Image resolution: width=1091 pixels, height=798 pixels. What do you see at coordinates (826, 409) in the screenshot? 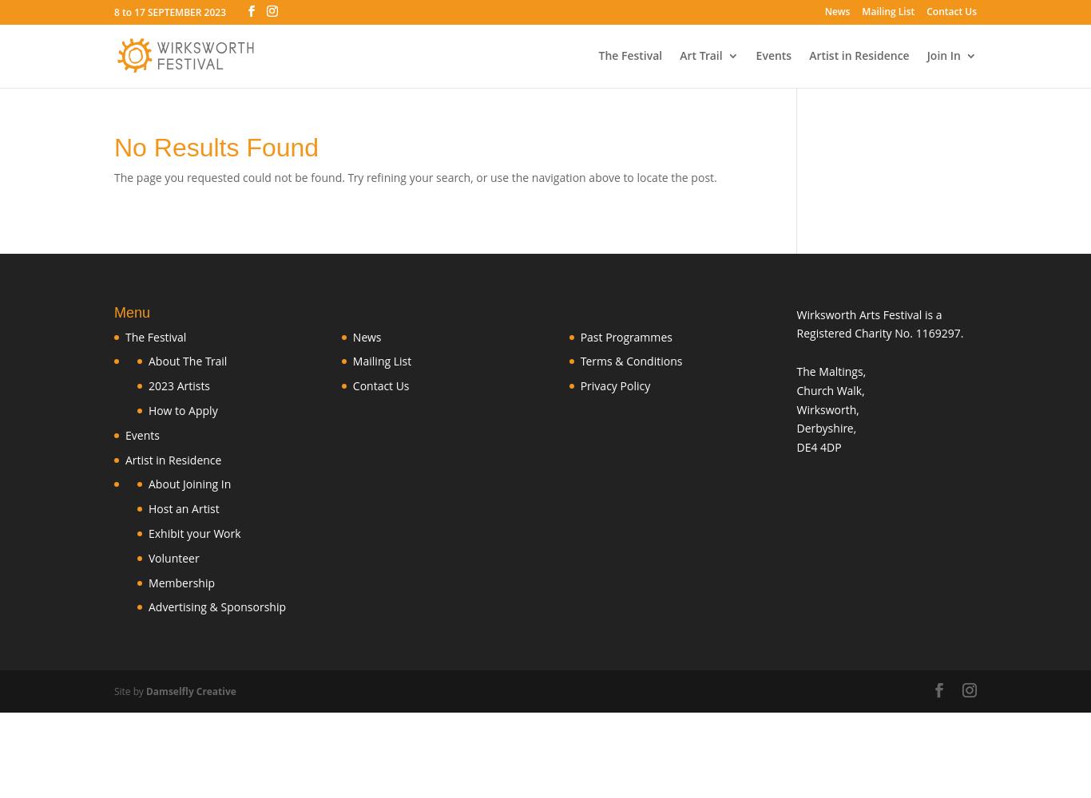
I see `'Wirksworth,'` at bounding box center [826, 409].